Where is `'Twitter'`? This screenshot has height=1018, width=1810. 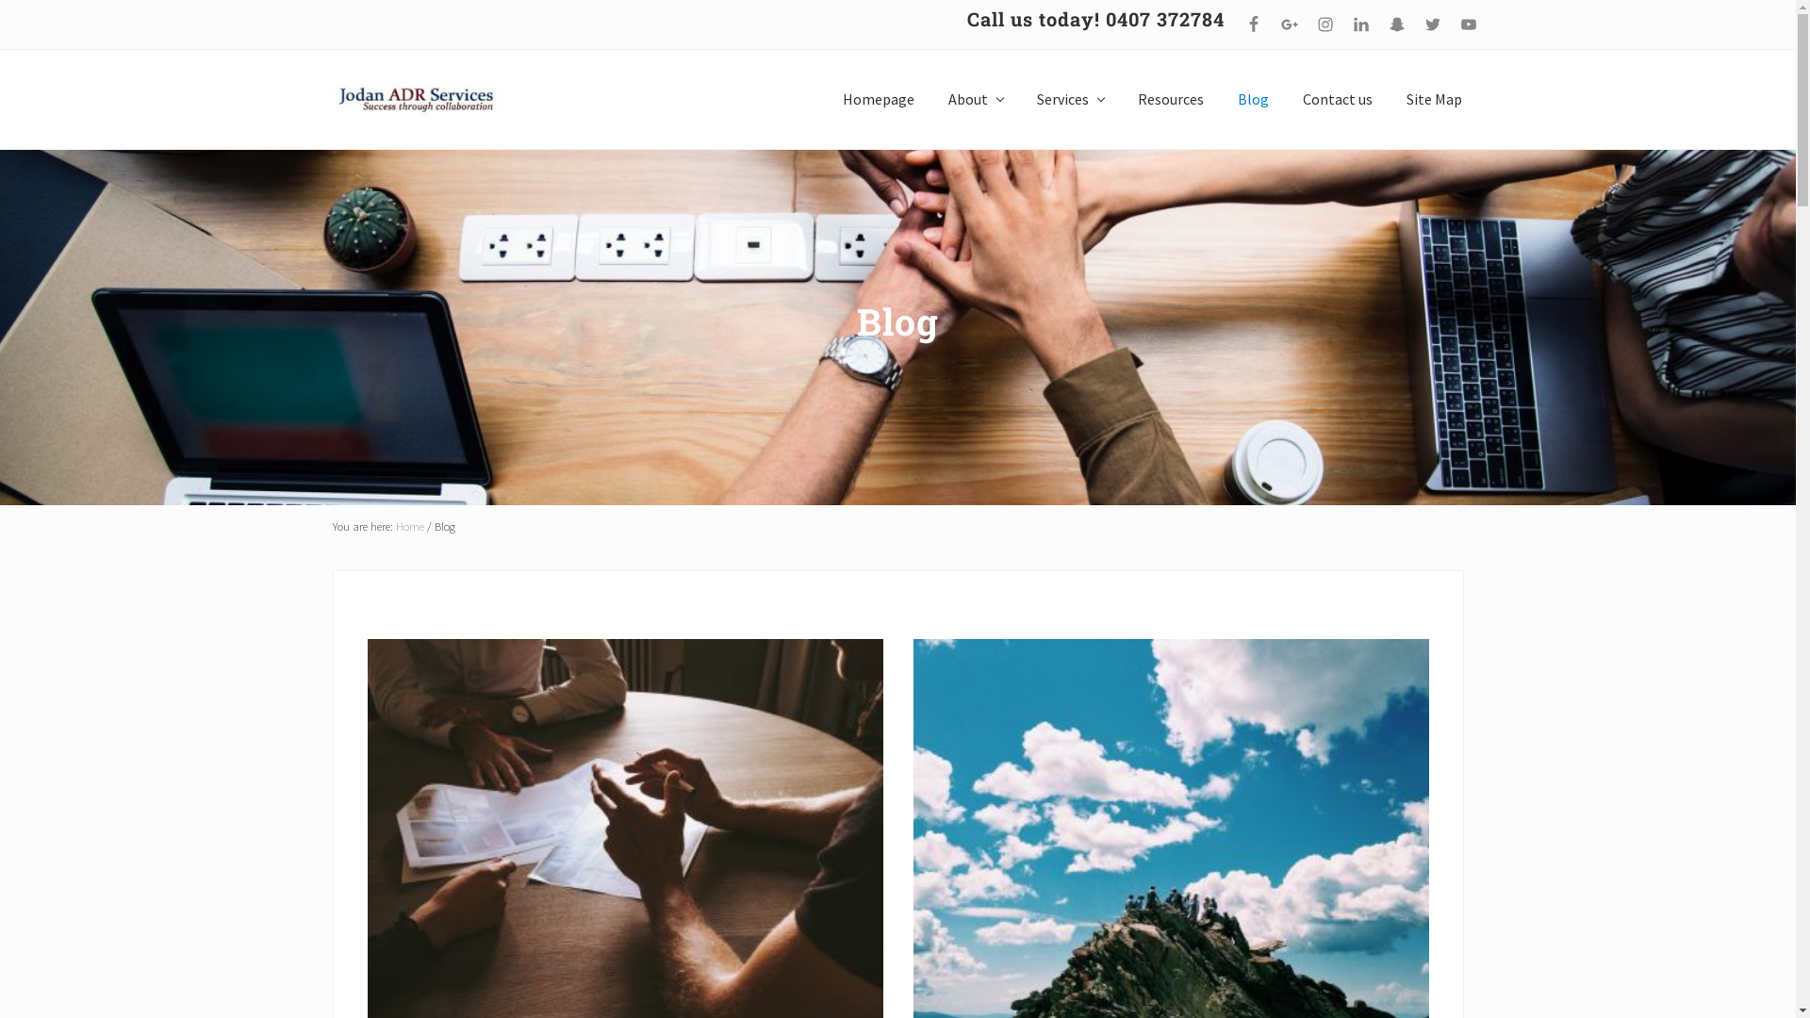
'Twitter' is located at coordinates (1431, 25).